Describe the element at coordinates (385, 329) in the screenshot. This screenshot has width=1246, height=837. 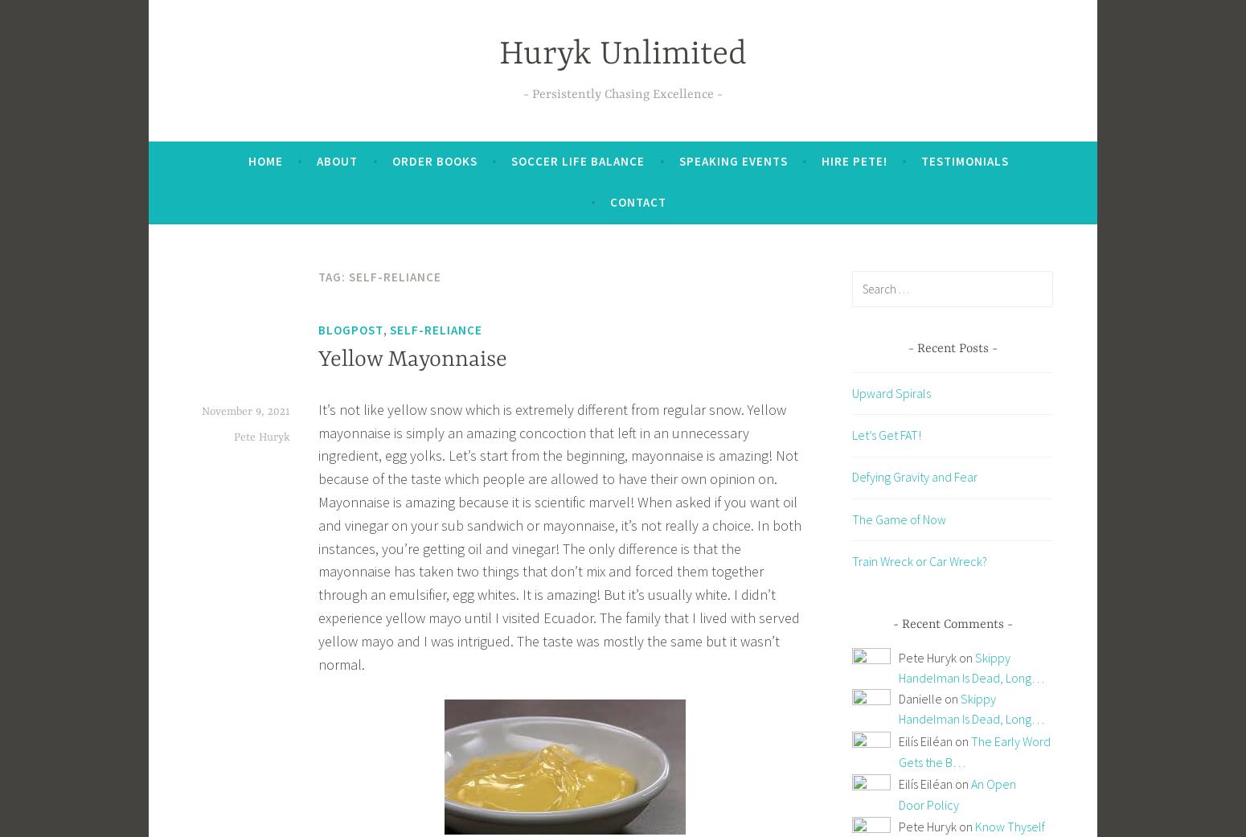
I see `','` at that location.